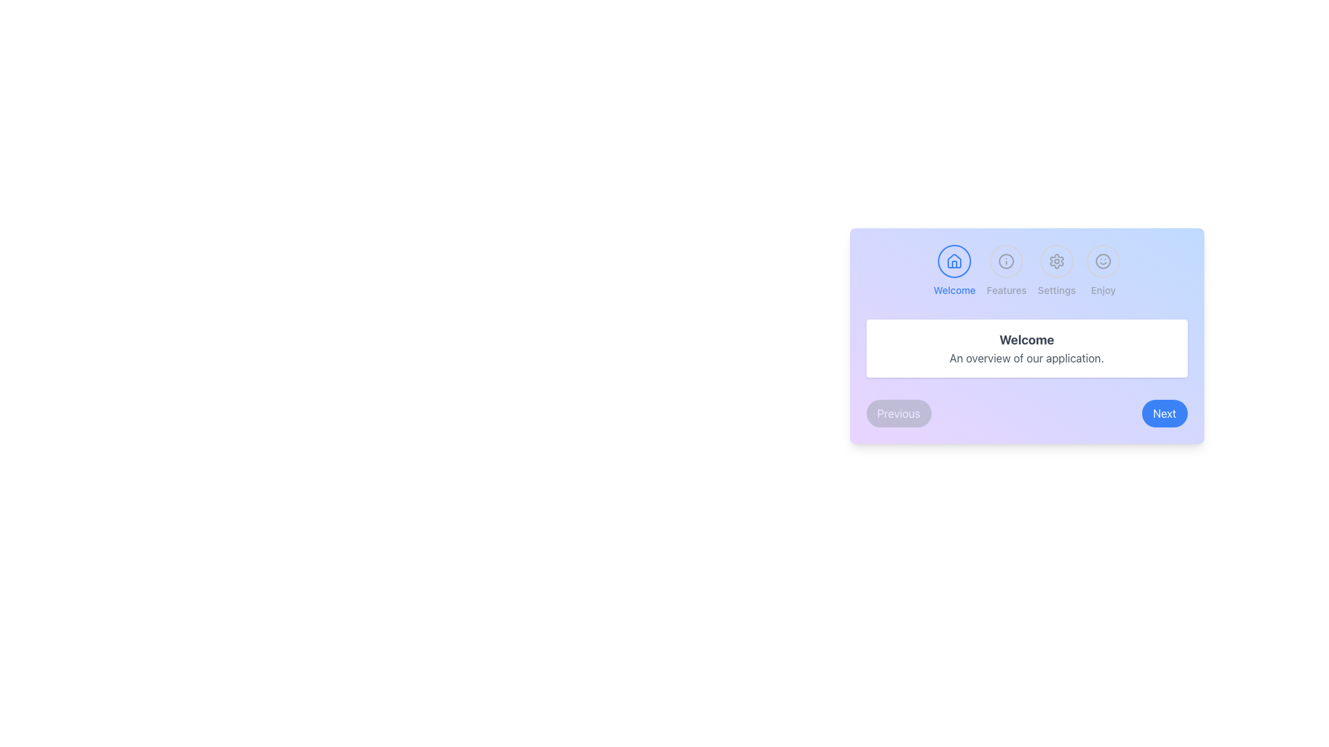  What do you see at coordinates (954, 271) in the screenshot?
I see `the circular button with a house symbol and the label 'Welcome'` at bounding box center [954, 271].